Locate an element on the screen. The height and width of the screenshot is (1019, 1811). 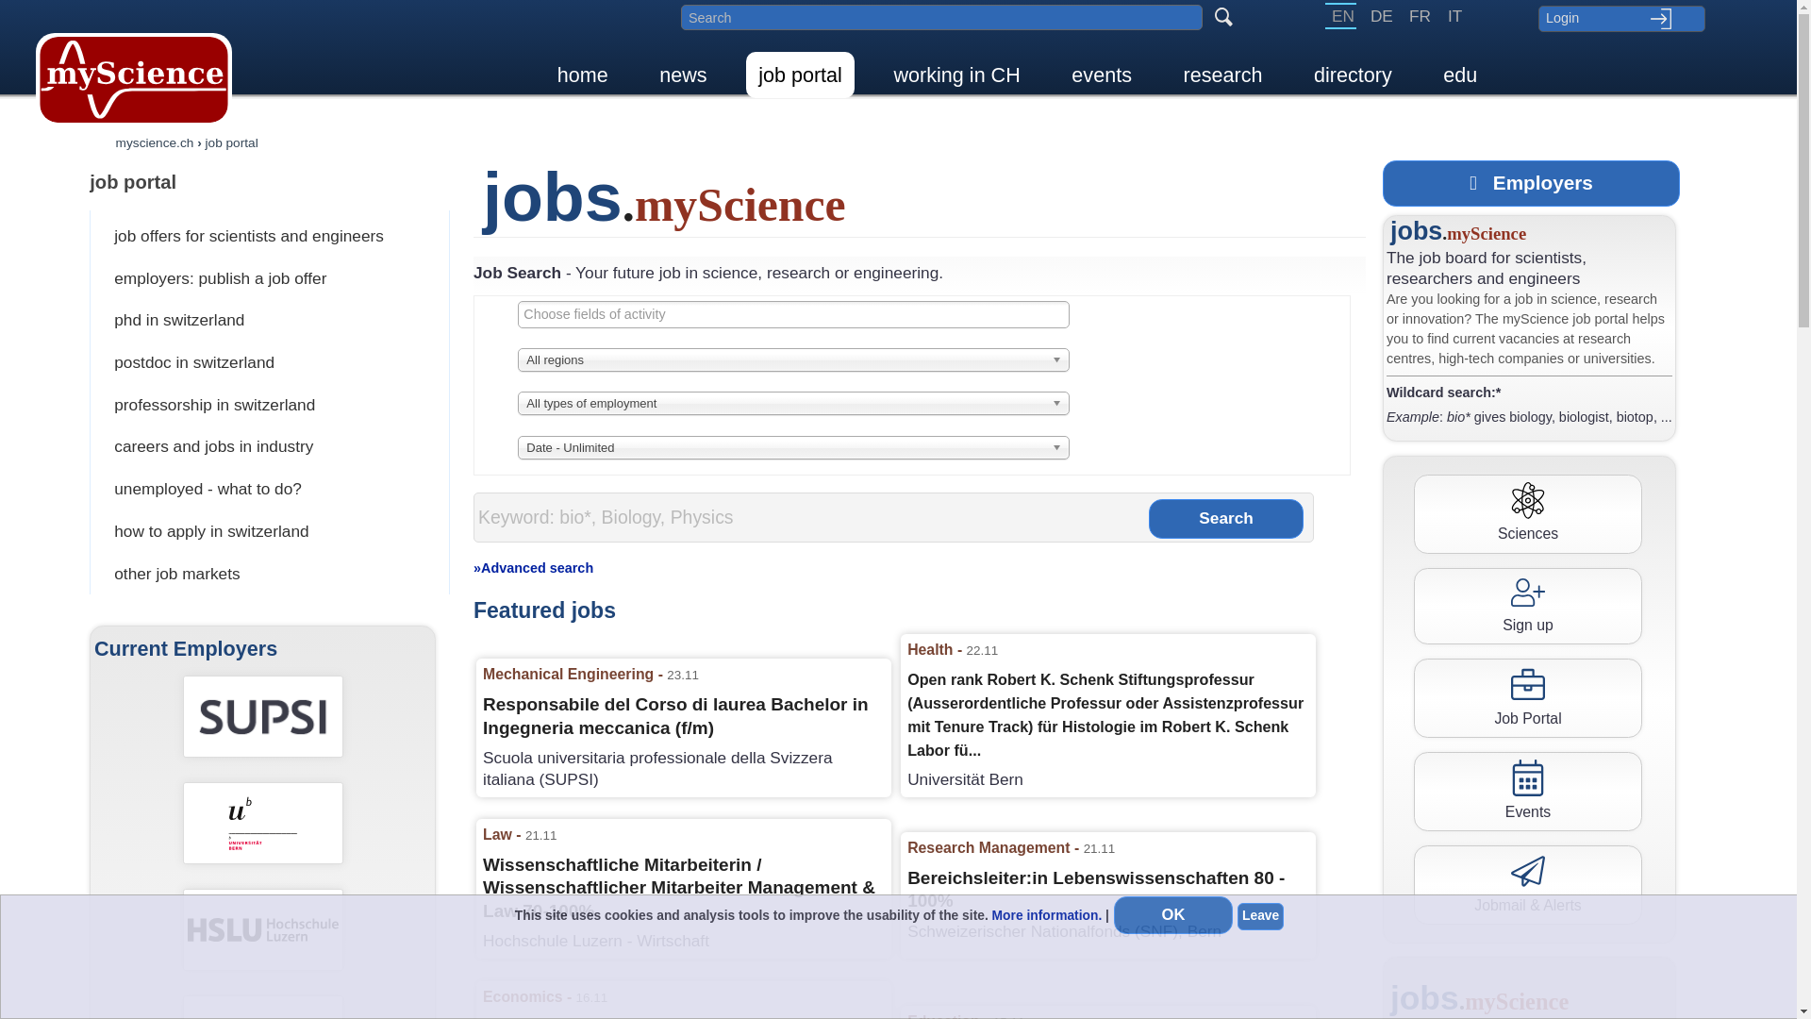
'FR' is located at coordinates (1417, 15).